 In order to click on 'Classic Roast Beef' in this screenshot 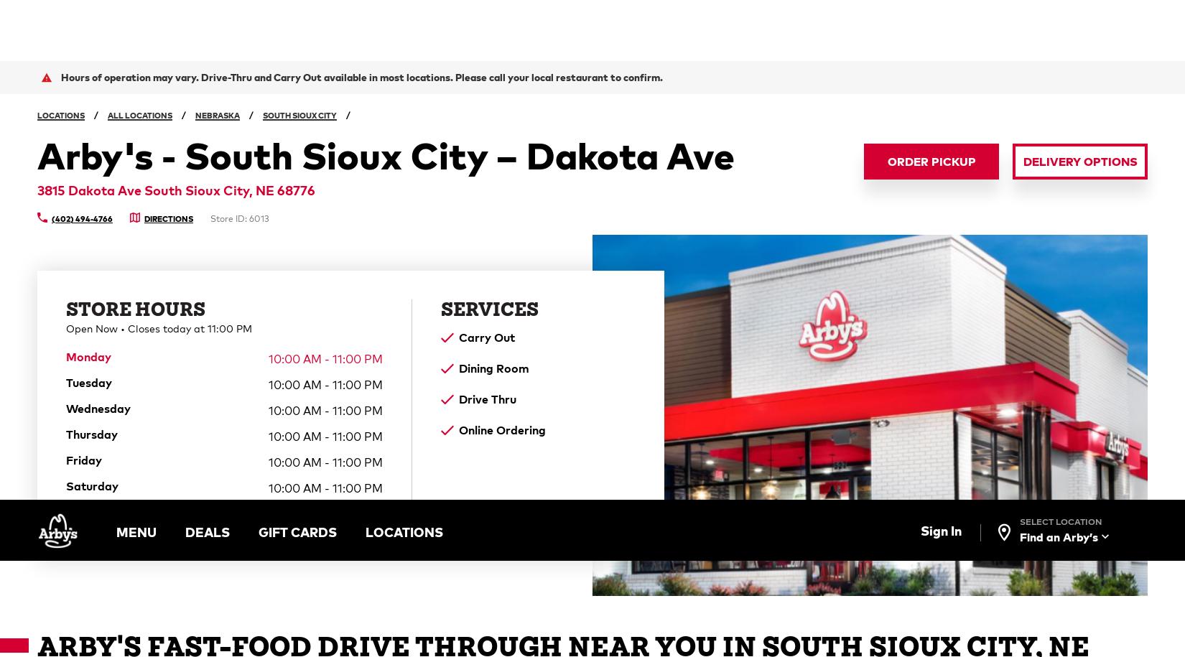, I will do `click(543, 230)`.